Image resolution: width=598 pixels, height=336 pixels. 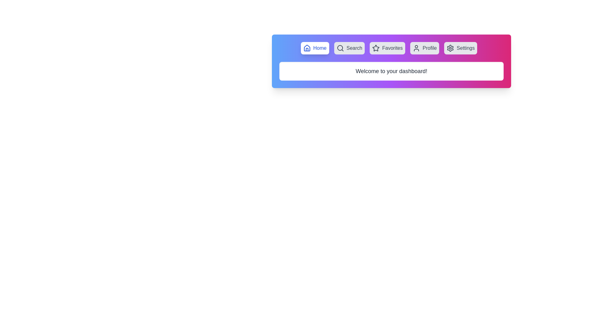 I want to click on the settings button, which is the last button in the horizontal navigation menu positioned to the far right, following the 'Profile' button, so click(x=461, y=48).